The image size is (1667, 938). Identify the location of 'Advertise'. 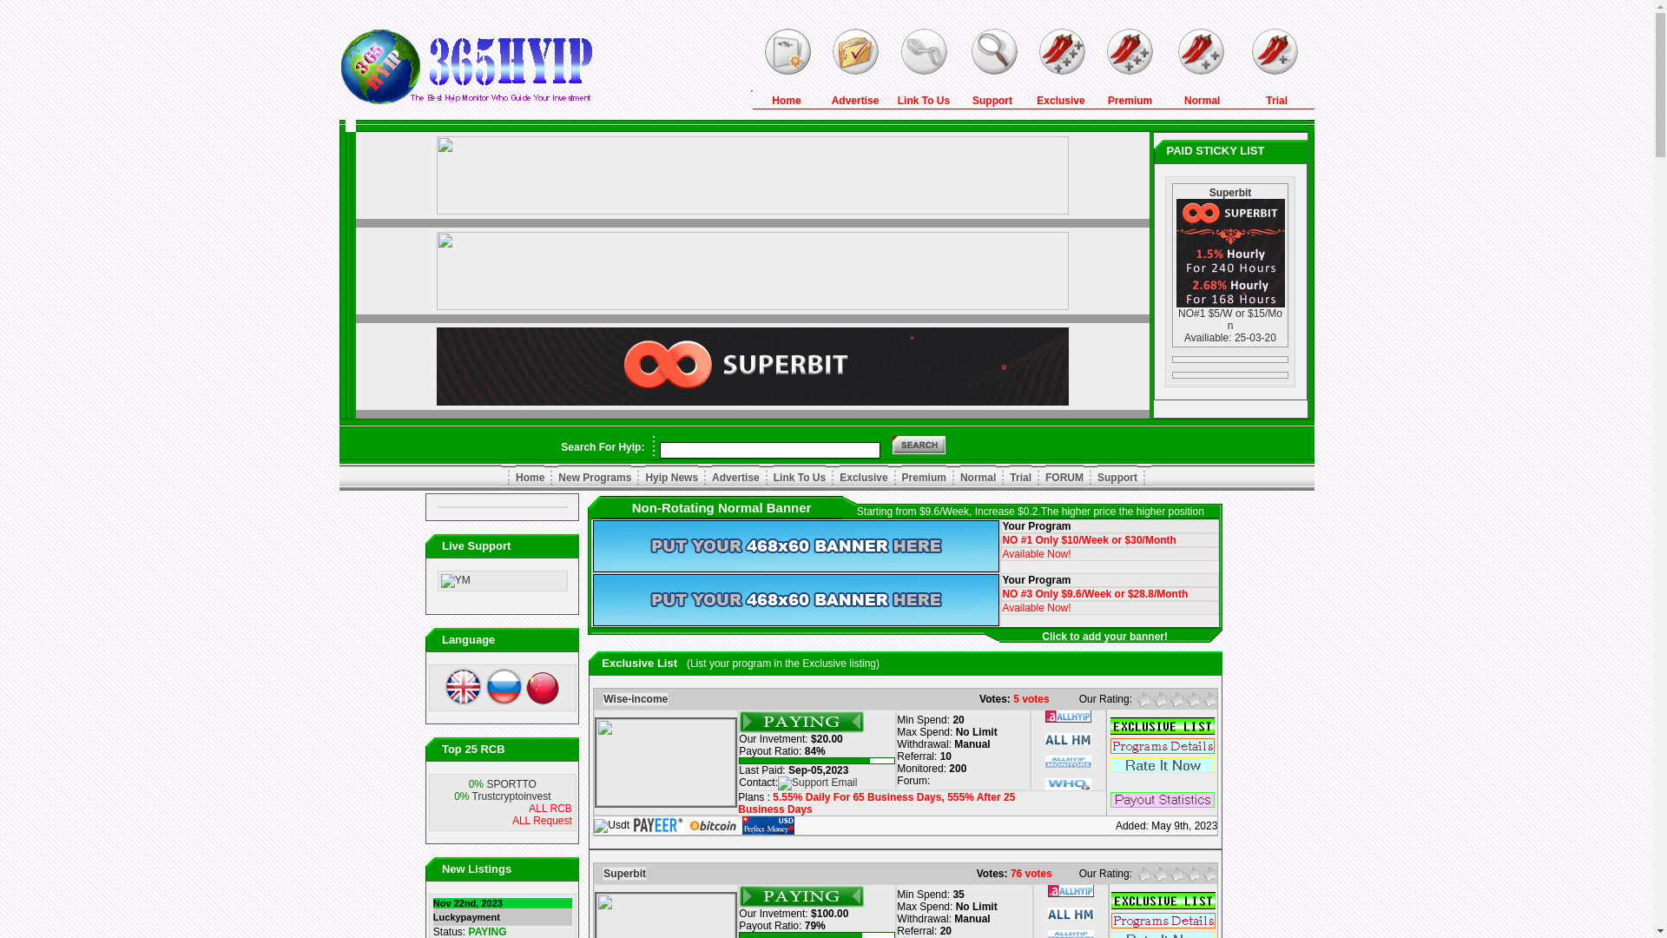
(855, 100).